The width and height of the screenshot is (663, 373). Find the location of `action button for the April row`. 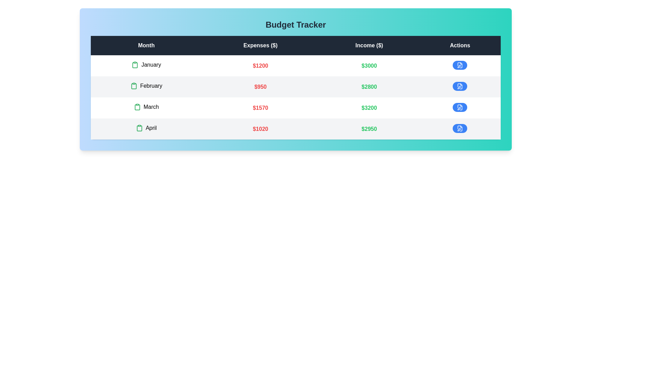

action button for the April row is located at coordinates (460, 128).